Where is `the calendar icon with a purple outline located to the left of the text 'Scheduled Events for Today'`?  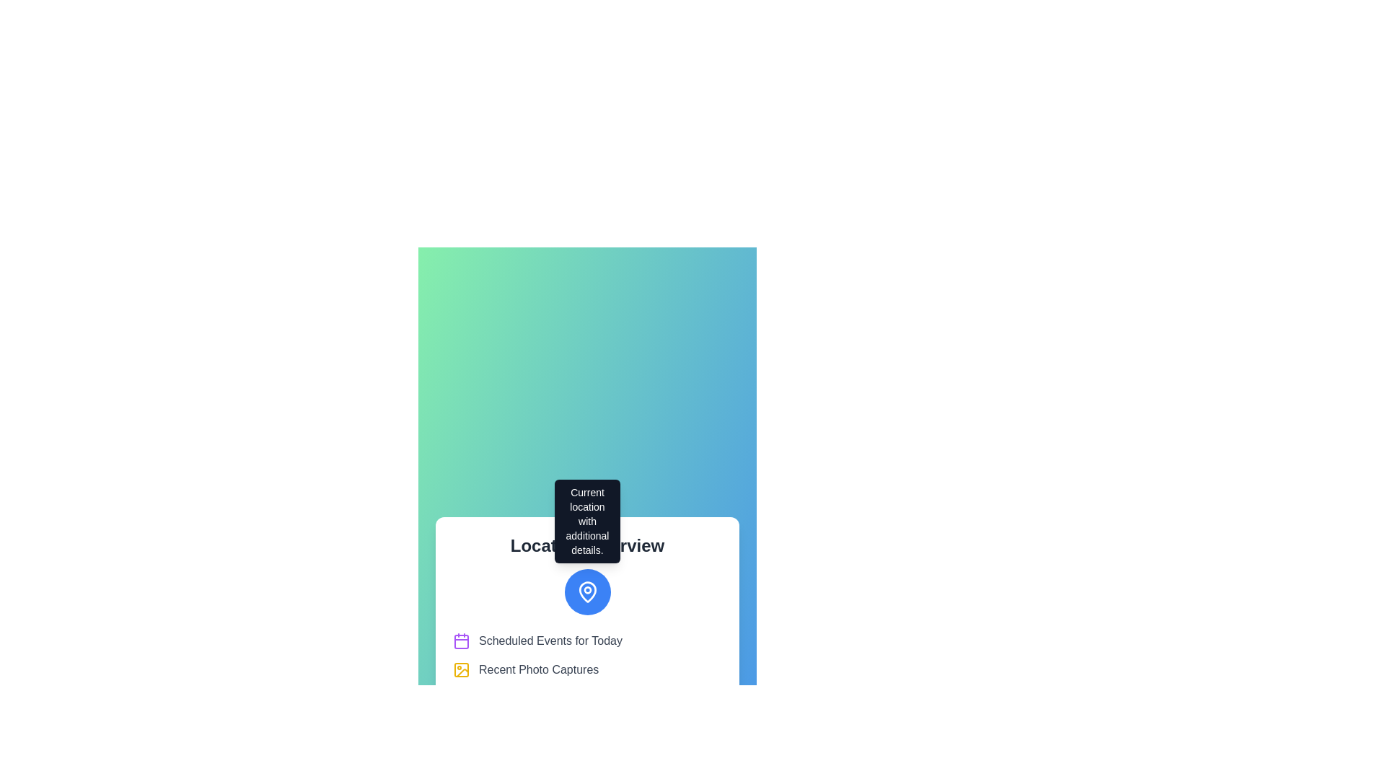
the calendar icon with a purple outline located to the left of the text 'Scheduled Events for Today' is located at coordinates (460, 640).